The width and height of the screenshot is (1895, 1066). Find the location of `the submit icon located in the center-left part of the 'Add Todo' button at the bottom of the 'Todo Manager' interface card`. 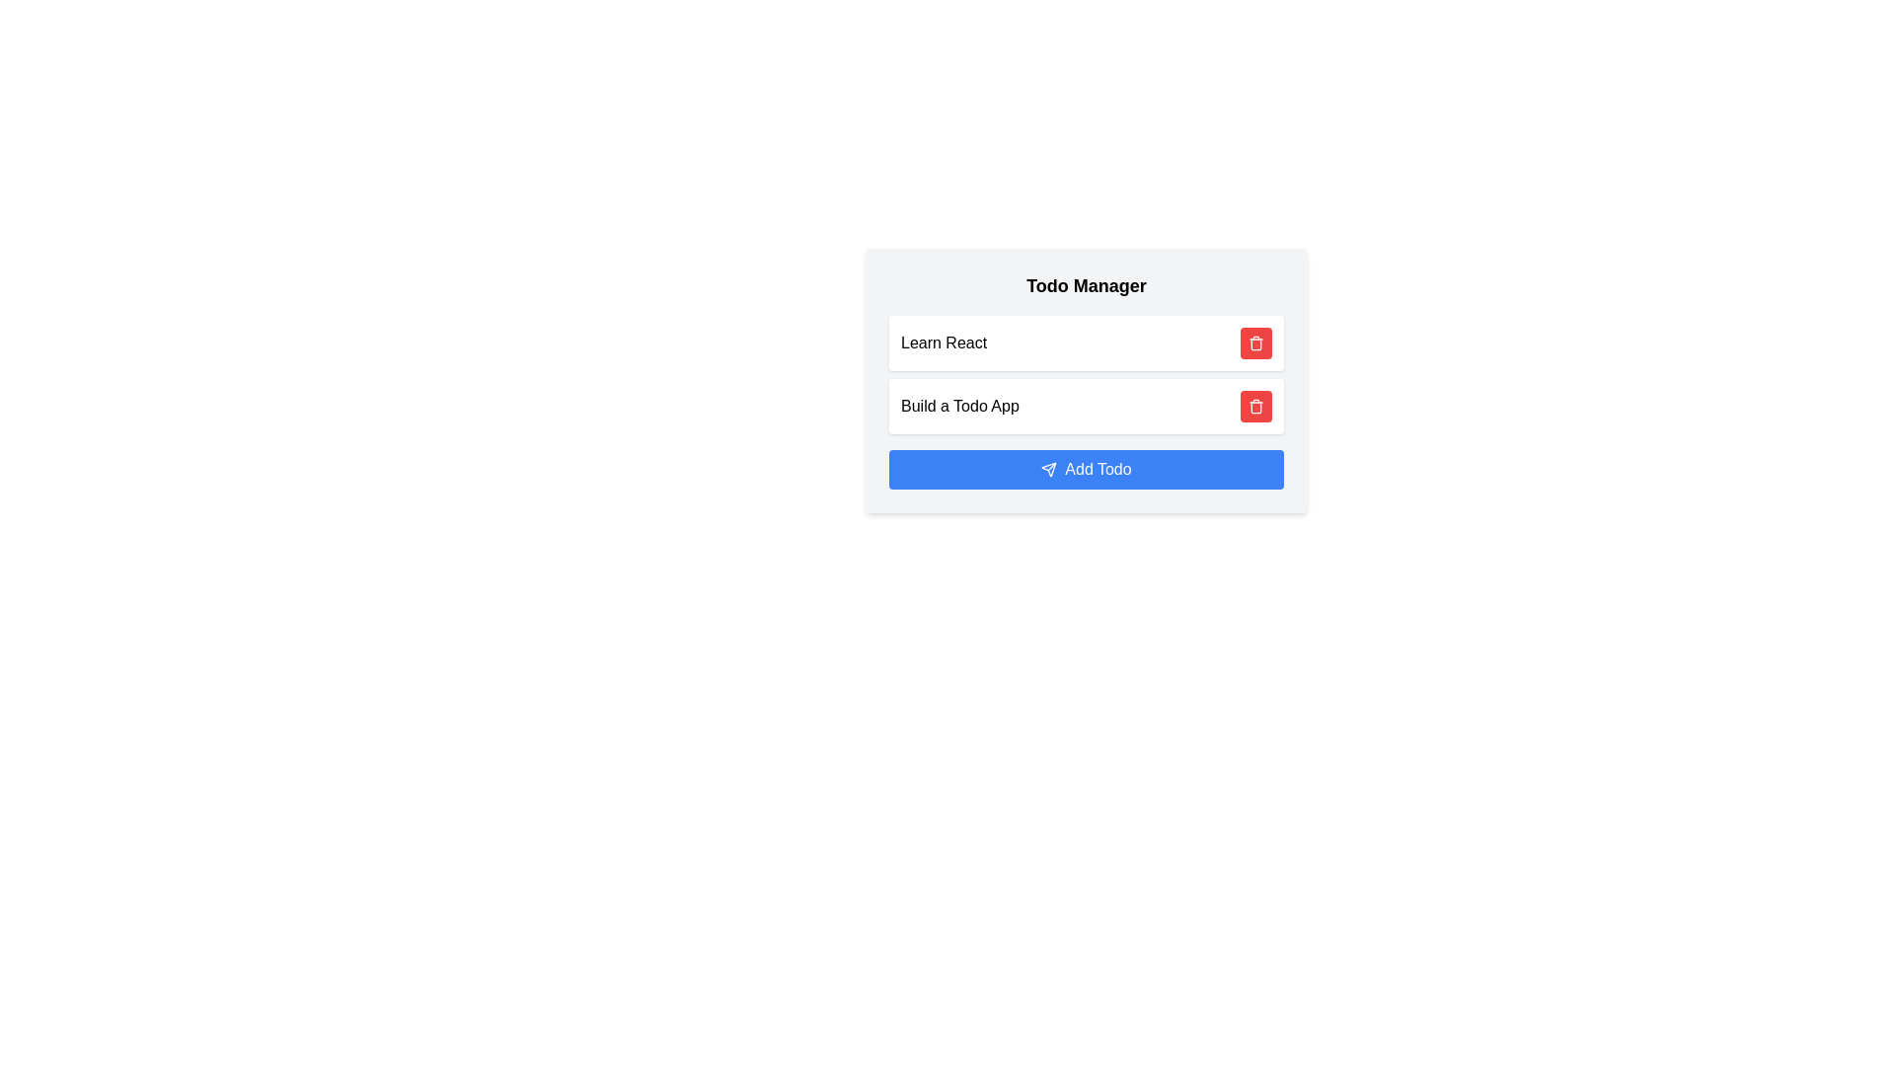

the submit icon located in the center-left part of the 'Add Todo' button at the bottom of the 'Todo Manager' interface card is located at coordinates (1048, 469).